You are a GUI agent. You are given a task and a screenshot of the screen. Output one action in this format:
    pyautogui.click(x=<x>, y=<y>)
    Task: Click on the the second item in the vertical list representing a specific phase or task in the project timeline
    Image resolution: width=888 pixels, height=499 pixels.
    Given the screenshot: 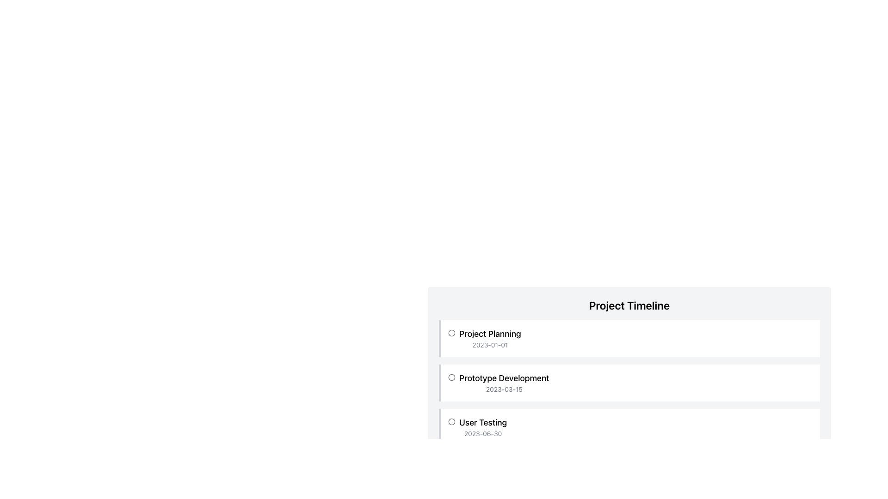 What is the action you would take?
    pyautogui.click(x=629, y=383)
    